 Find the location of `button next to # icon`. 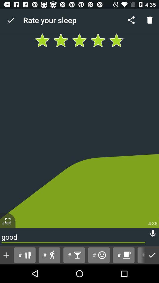

button next to # icon is located at coordinates (49, 255).